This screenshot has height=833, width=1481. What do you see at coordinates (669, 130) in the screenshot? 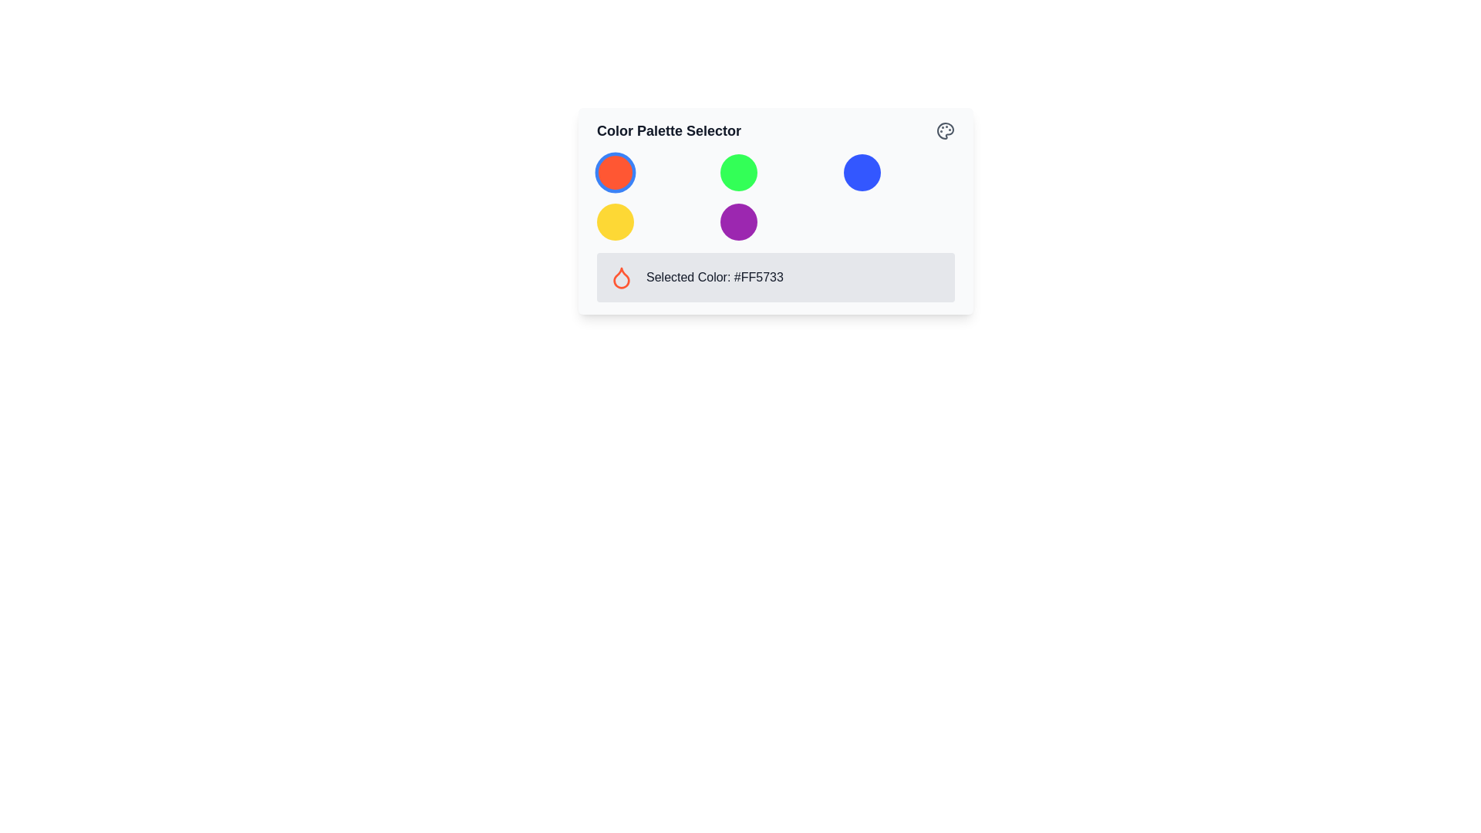
I see `the Text label that serves as the title or caption for the color palette selection interface, located to the left of an SVG icon resembling a palette` at bounding box center [669, 130].